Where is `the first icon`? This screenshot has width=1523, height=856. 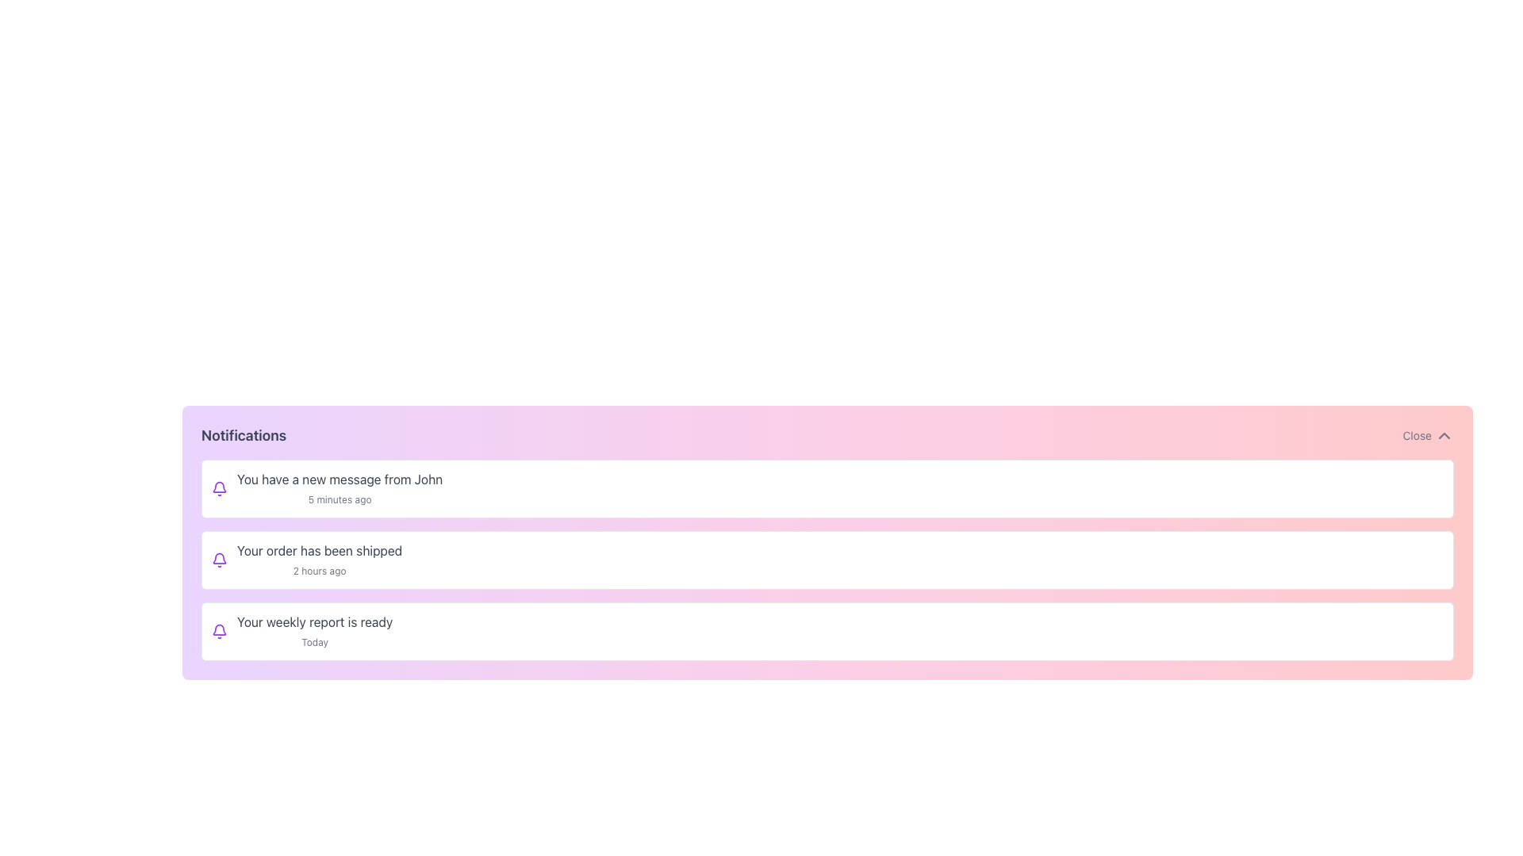
the first icon is located at coordinates (219, 488).